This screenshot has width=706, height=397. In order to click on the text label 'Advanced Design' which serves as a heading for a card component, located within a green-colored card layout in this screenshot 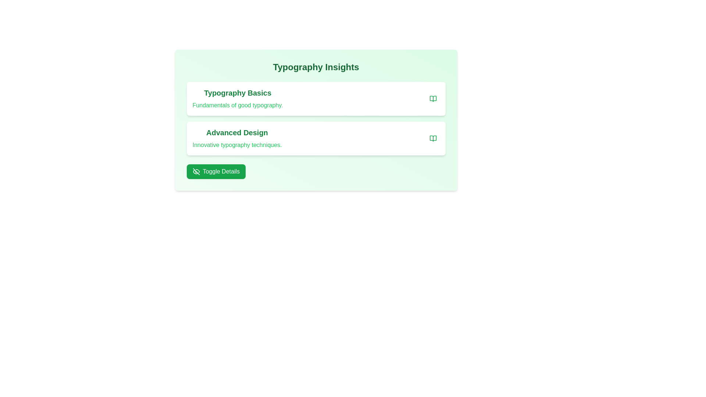, I will do `click(237, 133)`.